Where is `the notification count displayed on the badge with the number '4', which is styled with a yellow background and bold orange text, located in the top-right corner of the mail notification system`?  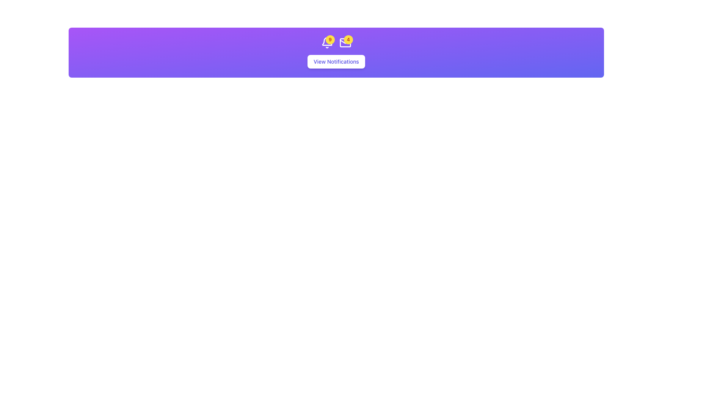
the notification count displayed on the badge with the number '4', which is styled with a yellow background and bold orange text, located in the top-right corner of the mail notification system is located at coordinates (348, 39).